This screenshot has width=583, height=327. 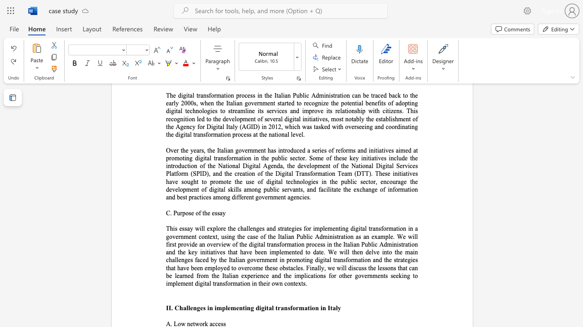 I want to click on the subset text "llenges faced by the Italian government in promoting digital transformatio" within the text "This essay will explore the challenges and strategies for implementing digital transformation in a government context, using the case of the Italian Public Administration as an example. We will first provide an overview of the digital transformation process in the Italian Public Administration and the key initiatives that have been implemented to date. We will then delve into the main challenges faced by the Italian government in promoting digital transformation and the strategies that have been employed to", so click(x=174, y=260).